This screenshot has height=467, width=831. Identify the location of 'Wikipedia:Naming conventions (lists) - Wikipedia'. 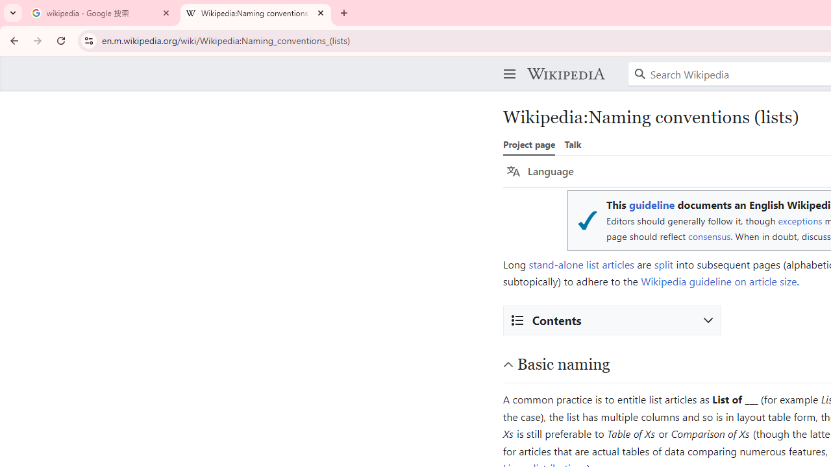
(256, 13).